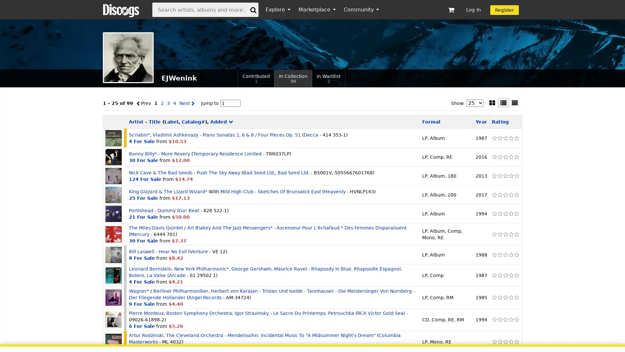 The width and height of the screenshot is (625, 352). I want to click on Rate this release 2 stars., so click(499, 213).